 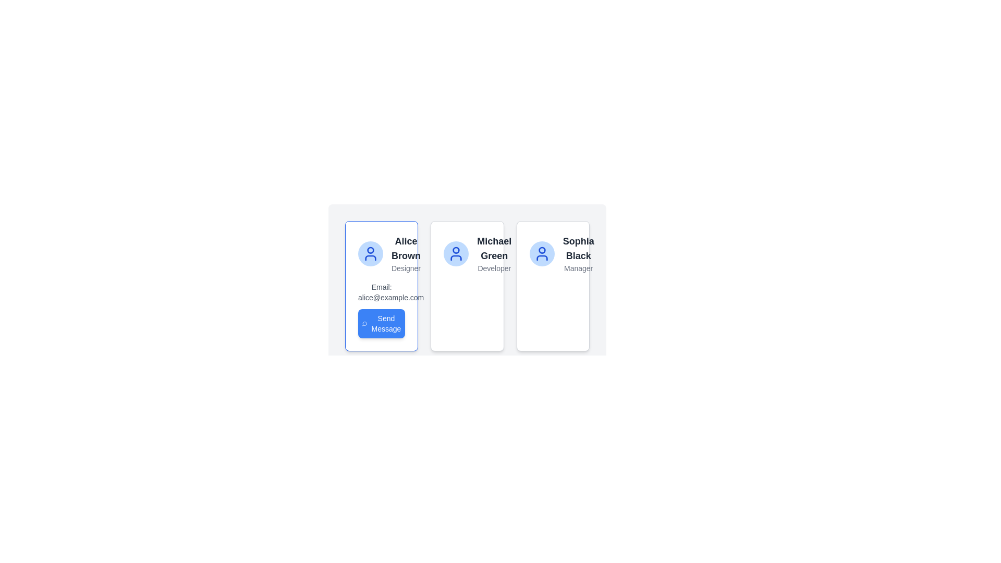 What do you see at coordinates (405, 268) in the screenshot?
I see `the Static Text Label displaying 'Designer' located below 'Alice Brown' in the leftmost user profile card` at bounding box center [405, 268].